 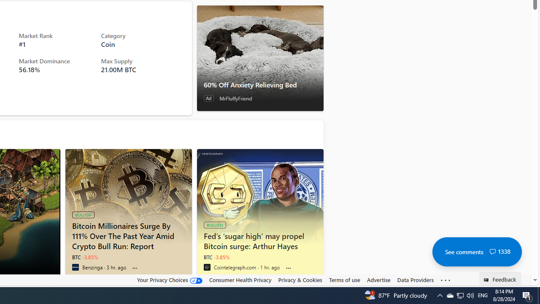 I want to click on 'Terms of use', so click(x=344, y=280).